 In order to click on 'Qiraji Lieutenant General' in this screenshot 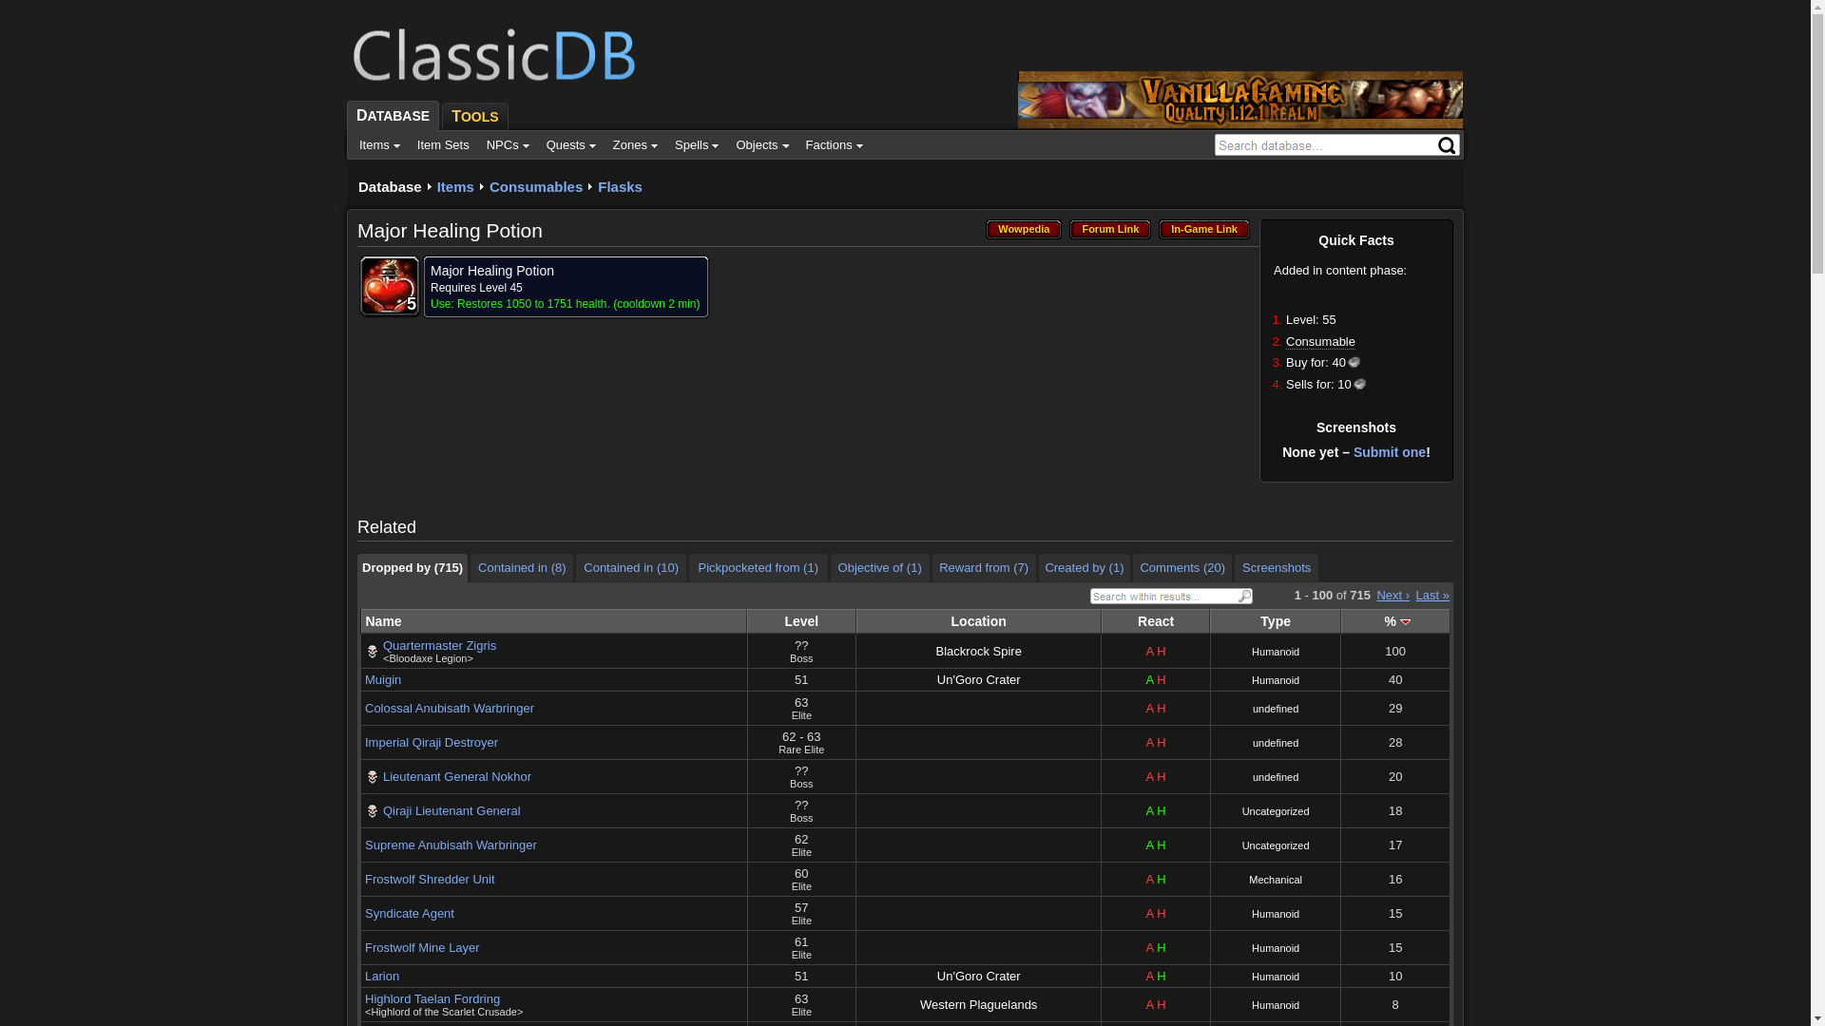, I will do `click(451, 810)`.